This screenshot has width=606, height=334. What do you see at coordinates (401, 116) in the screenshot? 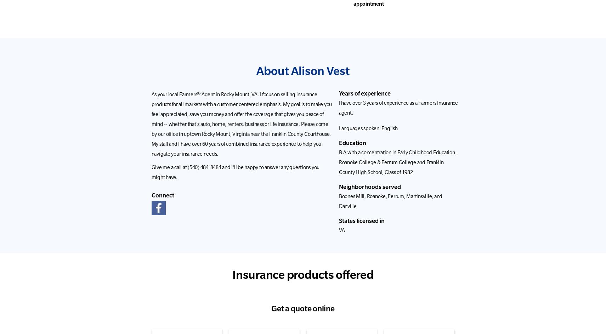
I see `'Displaying reviews 1 - 4 out of the 20 most recent'` at bounding box center [401, 116].